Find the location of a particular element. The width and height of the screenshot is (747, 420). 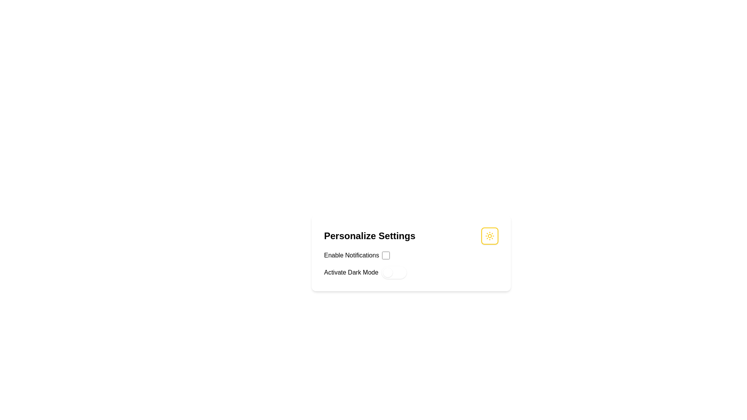

the toggle is located at coordinates (390, 272).